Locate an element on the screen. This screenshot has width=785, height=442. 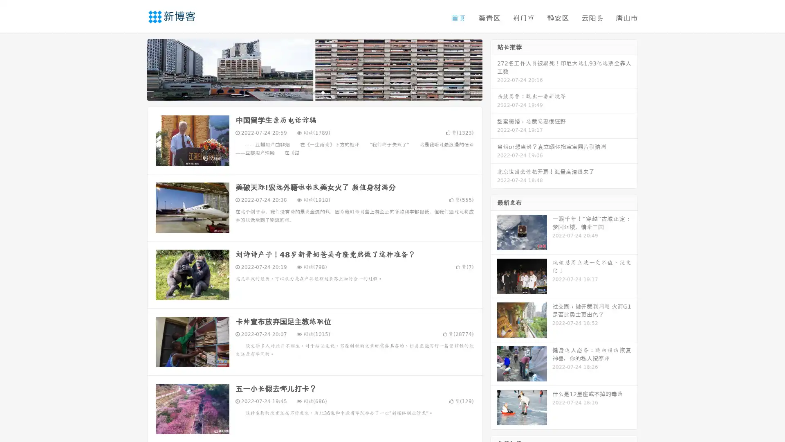
Next slide is located at coordinates (494, 69).